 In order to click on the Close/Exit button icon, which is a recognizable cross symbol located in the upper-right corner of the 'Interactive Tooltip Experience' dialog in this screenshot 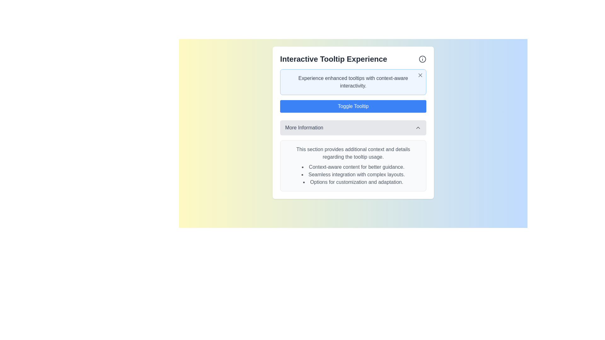, I will do `click(420, 75)`.